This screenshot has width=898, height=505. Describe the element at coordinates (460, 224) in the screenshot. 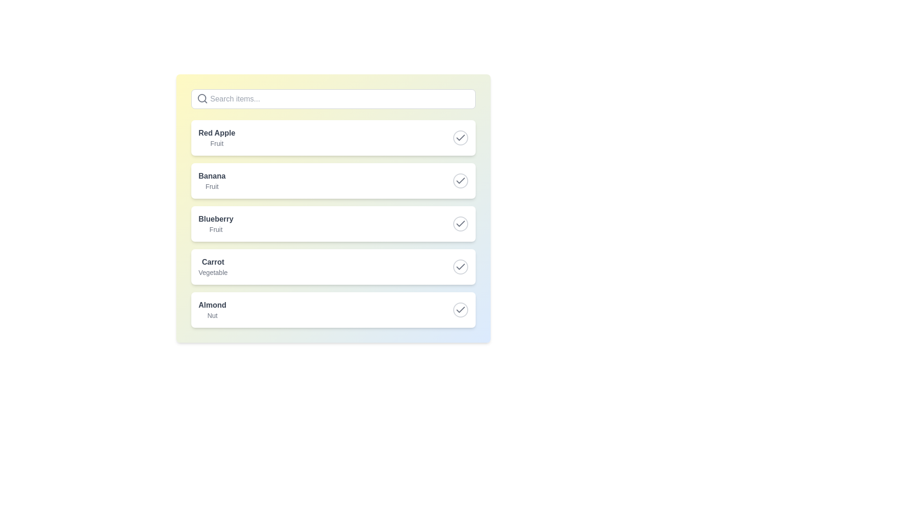

I see `the checkbox styled as a circular icon with a checkmark in the center, located within the Blueberry entry in the list` at that location.